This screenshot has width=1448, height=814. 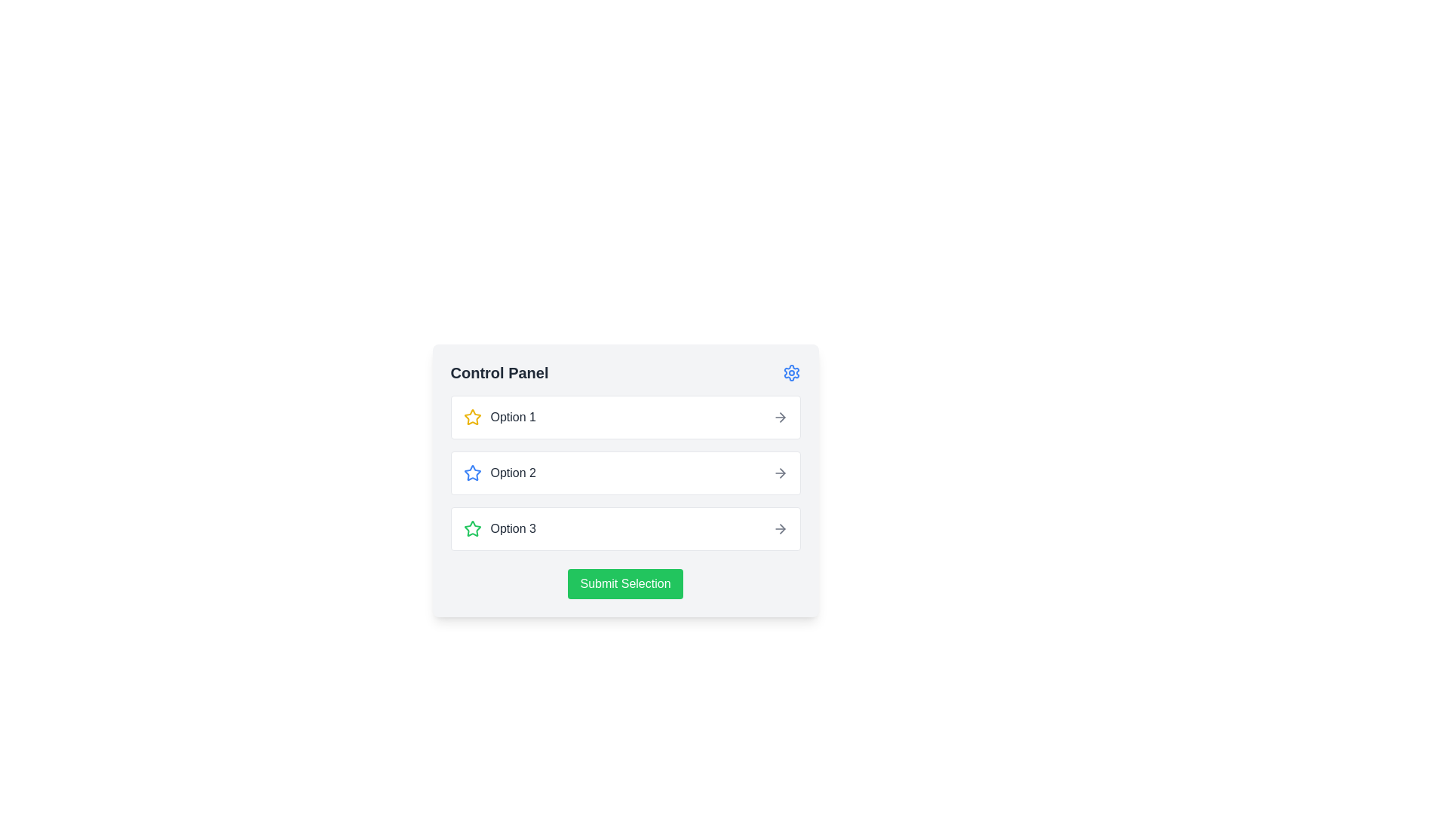 What do you see at coordinates (790, 372) in the screenshot?
I see `the gear-shaped SVG settings icon located near the top-right corner of the 'Control Panel'` at bounding box center [790, 372].